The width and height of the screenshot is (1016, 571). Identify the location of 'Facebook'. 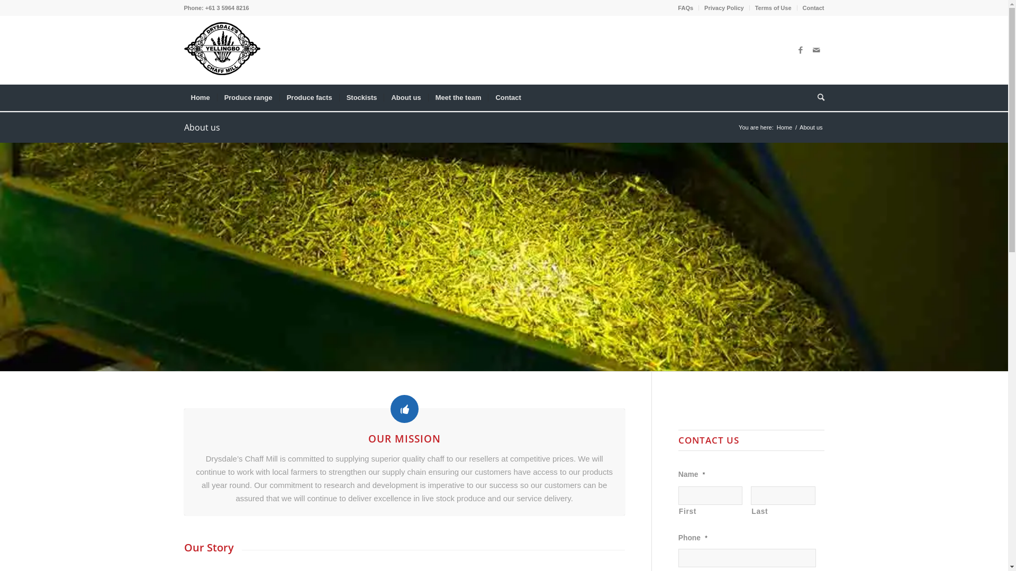
(800, 50).